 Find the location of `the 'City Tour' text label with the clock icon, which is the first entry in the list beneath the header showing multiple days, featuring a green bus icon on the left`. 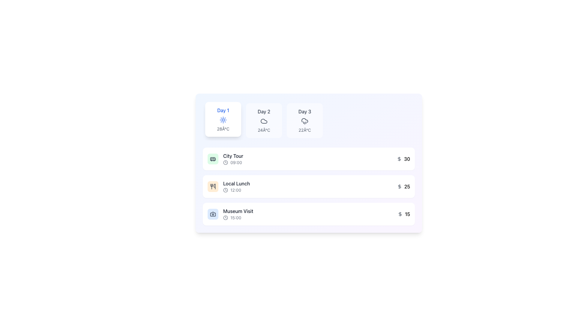

the 'City Tour' text label with the clock icon, which is the first entry in the list beneath the header showing multiple days, featuring a green bus icon on the left is located at coordinates (233, 158).